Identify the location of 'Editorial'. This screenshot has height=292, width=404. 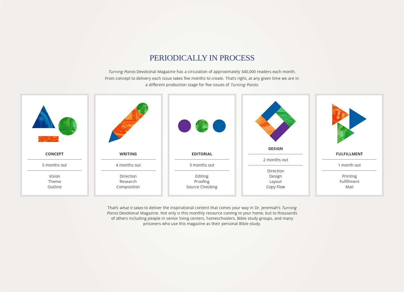
(201, 154).